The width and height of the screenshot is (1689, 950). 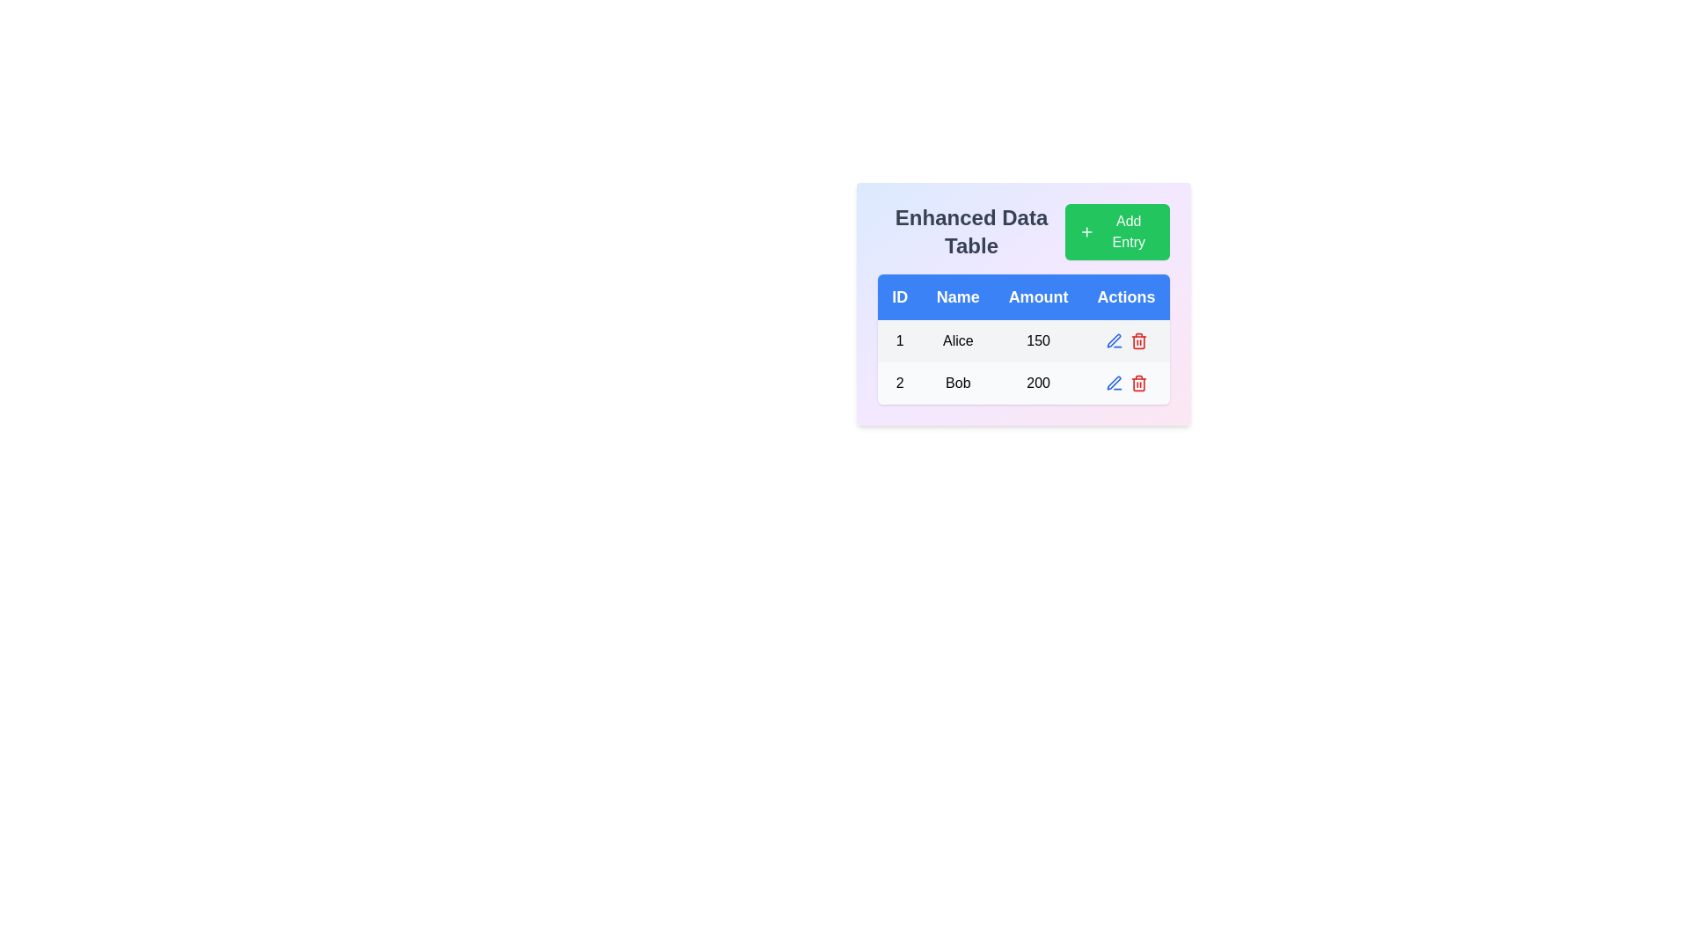 I want to click on the 'Amount' table header element, which is a blue button with bold white text, so click(x=1038, y=296).